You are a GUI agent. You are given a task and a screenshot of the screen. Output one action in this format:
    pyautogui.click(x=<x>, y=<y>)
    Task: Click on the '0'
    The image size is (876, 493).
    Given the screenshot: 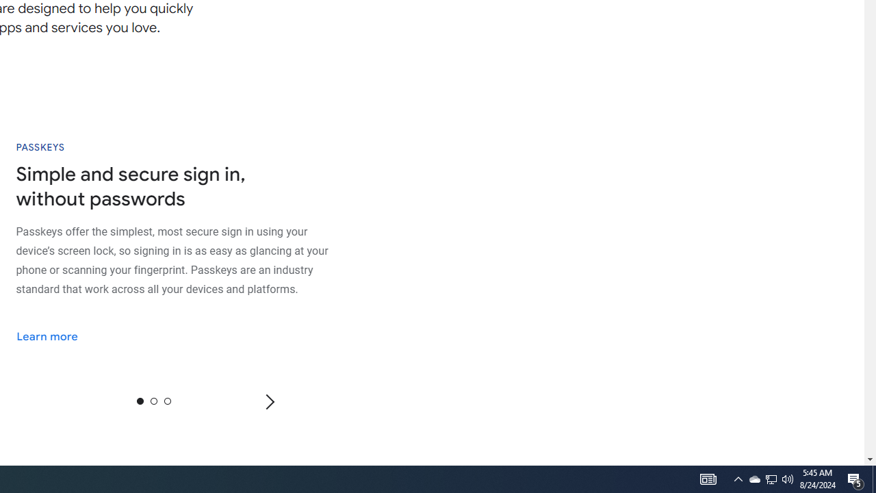 What is the action you would take?
    pyautogui.click(x=140, y=401)
    